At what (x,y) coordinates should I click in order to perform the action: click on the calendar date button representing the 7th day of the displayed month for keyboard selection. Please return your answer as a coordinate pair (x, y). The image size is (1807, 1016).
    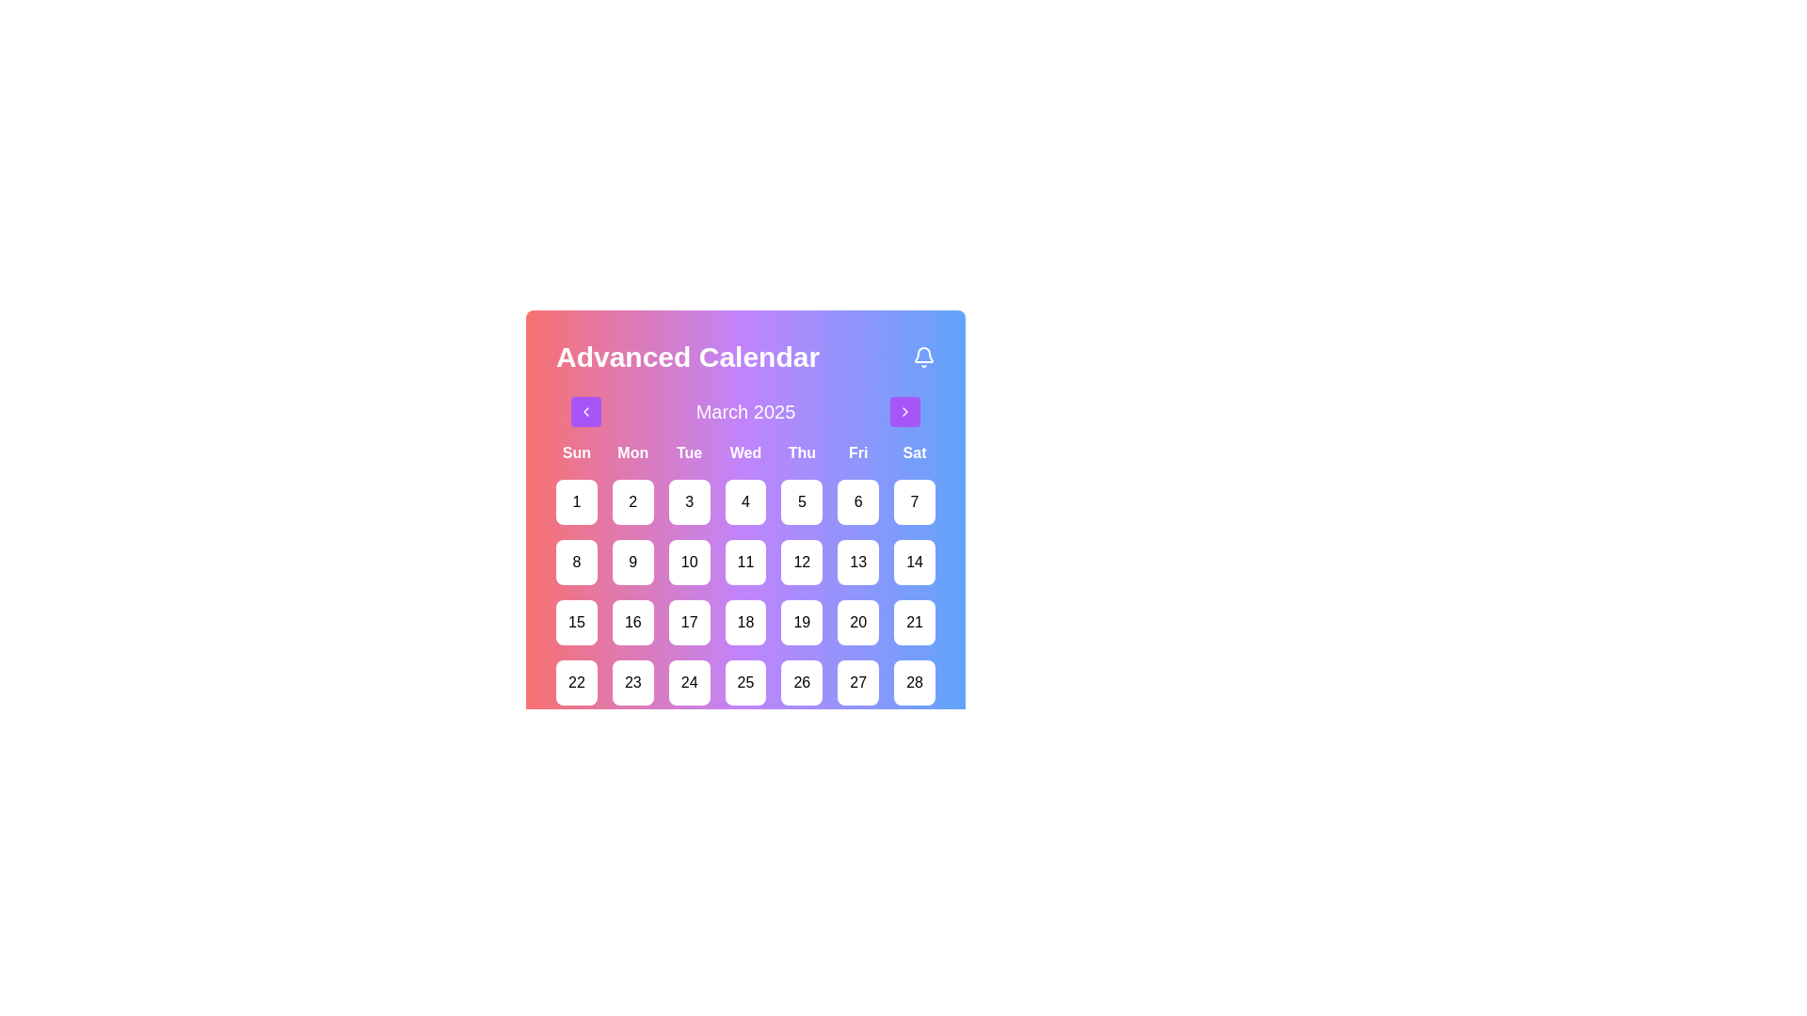
    Looking at the image, I should click on (915, 500).